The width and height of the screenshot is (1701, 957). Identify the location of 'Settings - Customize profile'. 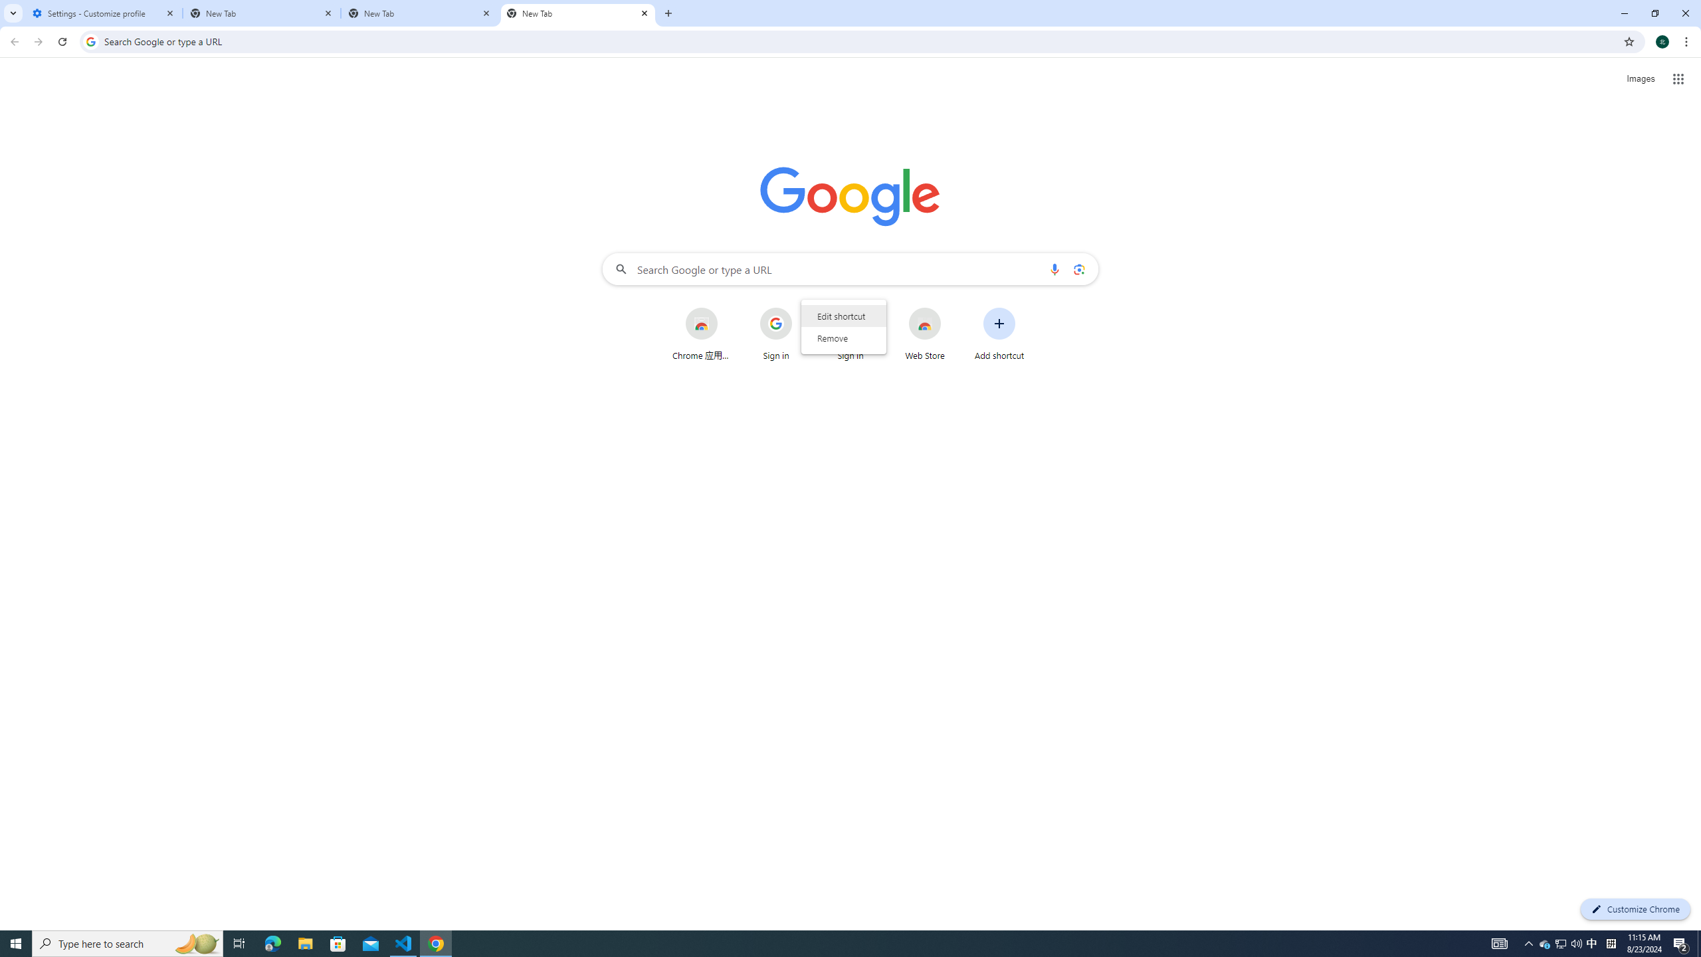
(103, 13).